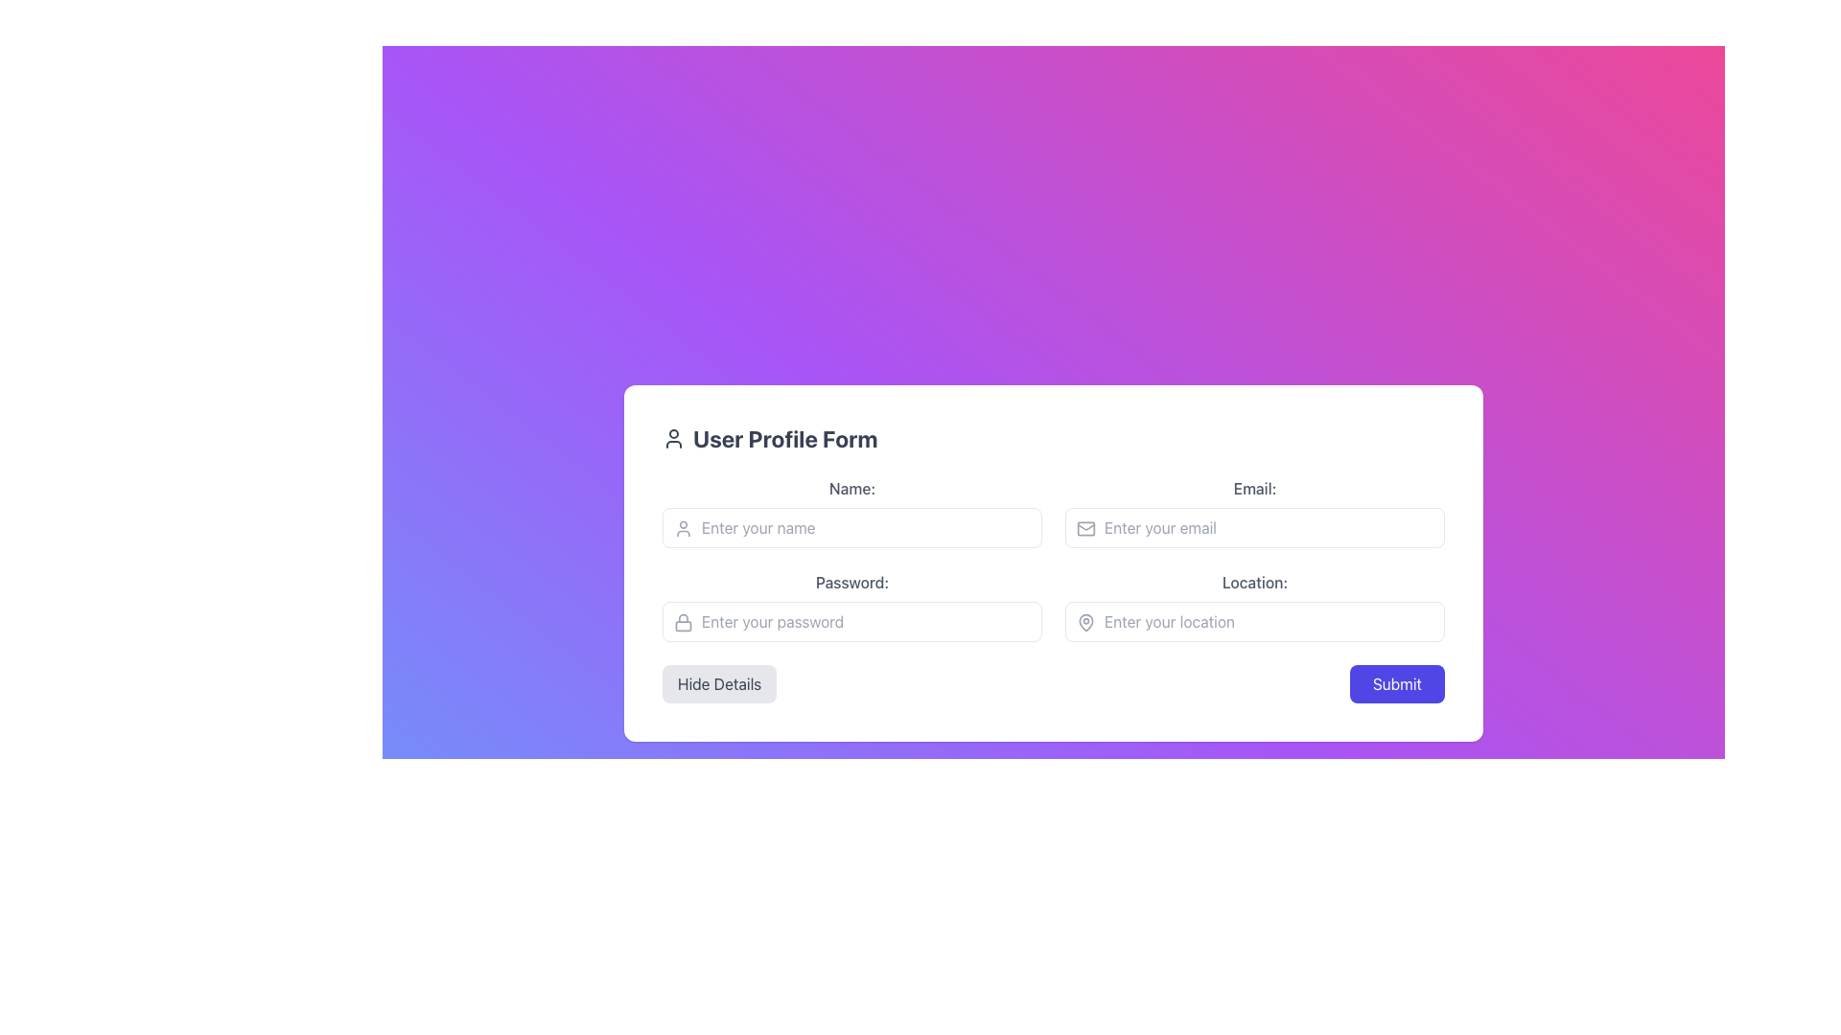 Image resolution: width=1841 pixels, height=1035 pixels. I want to click on the password input field with the placeholder 'Enter your password' in the 'User Profile Form' to focus on it, so click(851, 621).